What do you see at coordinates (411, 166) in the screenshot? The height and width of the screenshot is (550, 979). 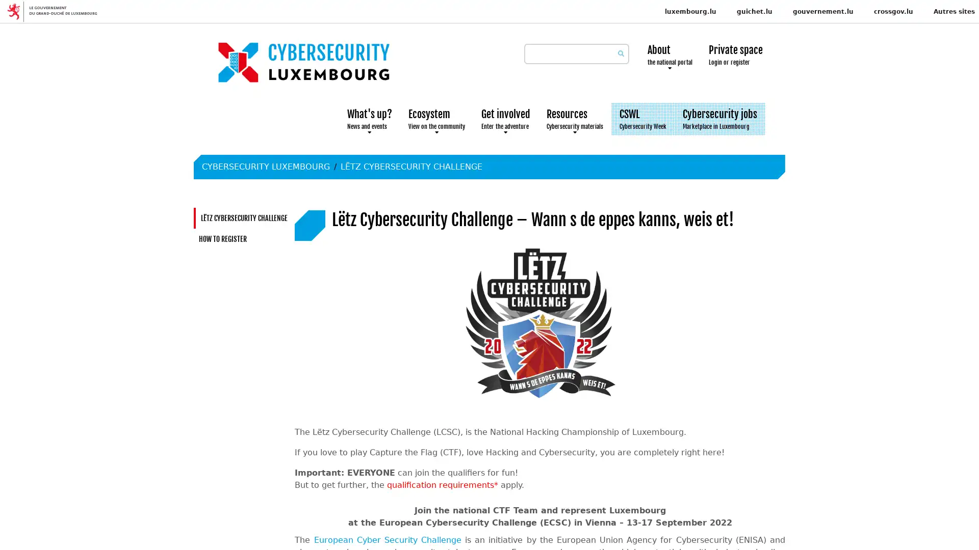 I see `LETZ CYBERSECURITY CHALLENGE` at bounding box center [411, 166].